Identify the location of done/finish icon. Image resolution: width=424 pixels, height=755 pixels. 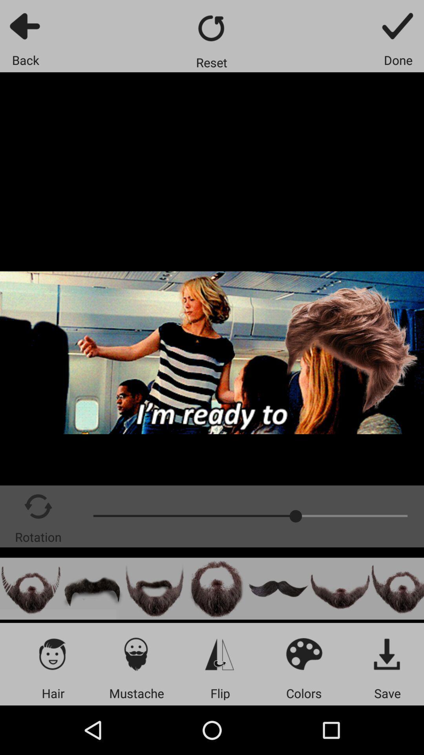
(398, 26).